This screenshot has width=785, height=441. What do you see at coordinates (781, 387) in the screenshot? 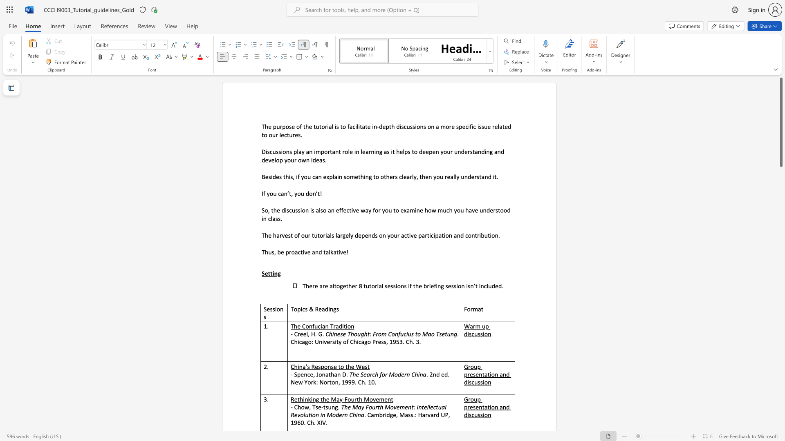
I see `the scrollbar to move the content lower` at bounding box center [781, 387].